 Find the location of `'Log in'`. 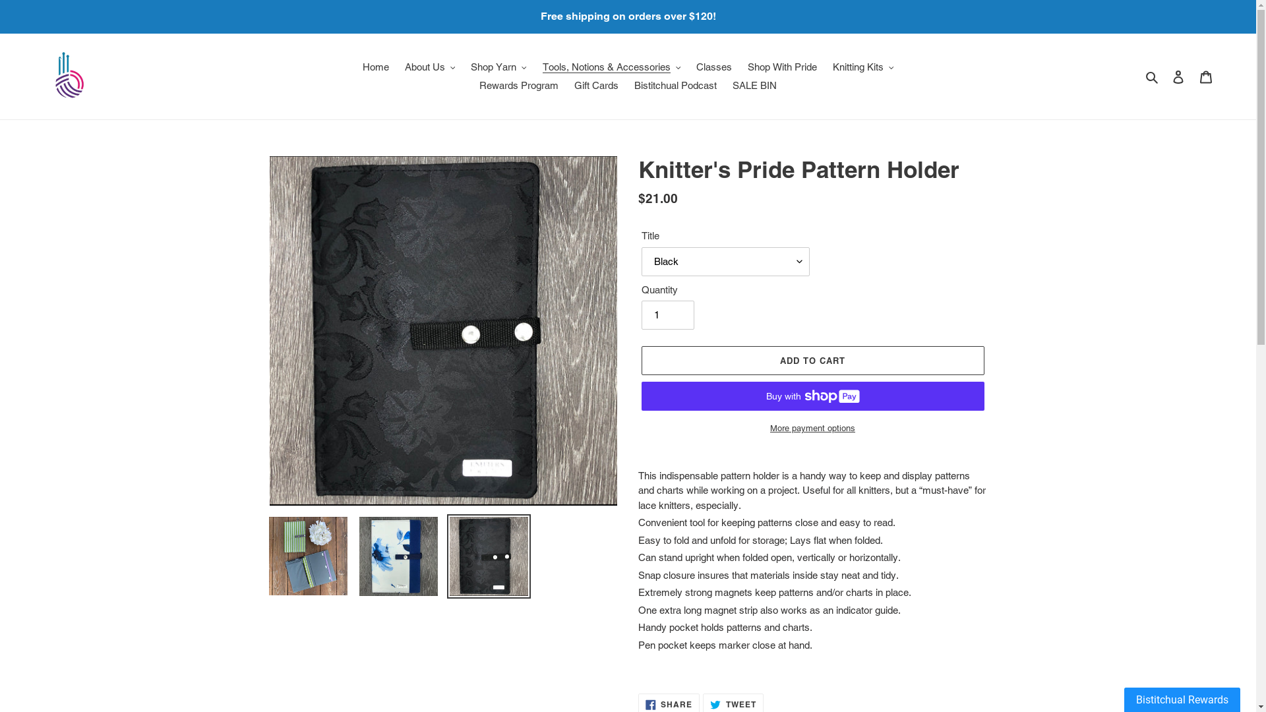

'Log in' is located at coordinates (1178, 76).